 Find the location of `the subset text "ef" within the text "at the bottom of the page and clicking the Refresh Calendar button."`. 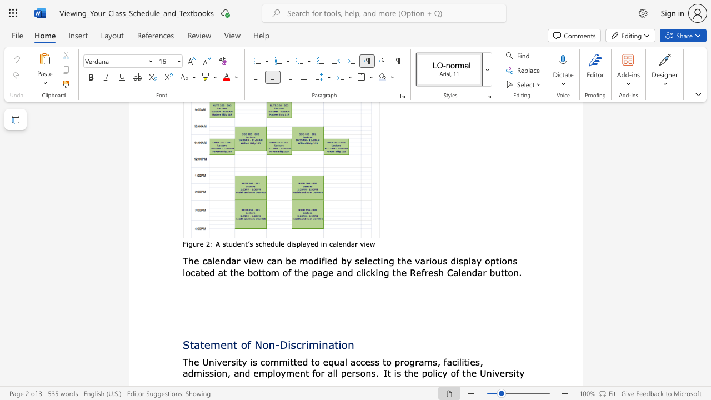

the subset text "ef" within the text "at the bottom of the page and clicking the Refresh Calendar button." is located at coordinates (415, 272).